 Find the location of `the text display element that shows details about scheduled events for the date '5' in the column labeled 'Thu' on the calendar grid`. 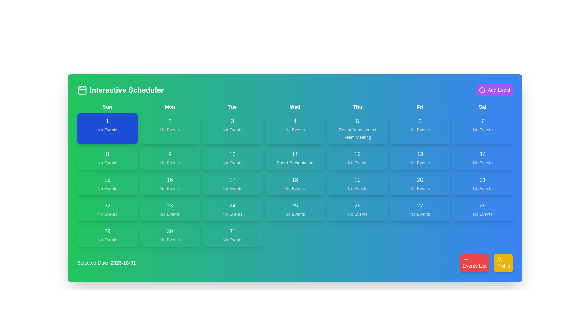

the text display element that shows details about scheduled events for the date '5' in the column labeled 'Thu' on the calendar grid is located at coordinates (357, 133).